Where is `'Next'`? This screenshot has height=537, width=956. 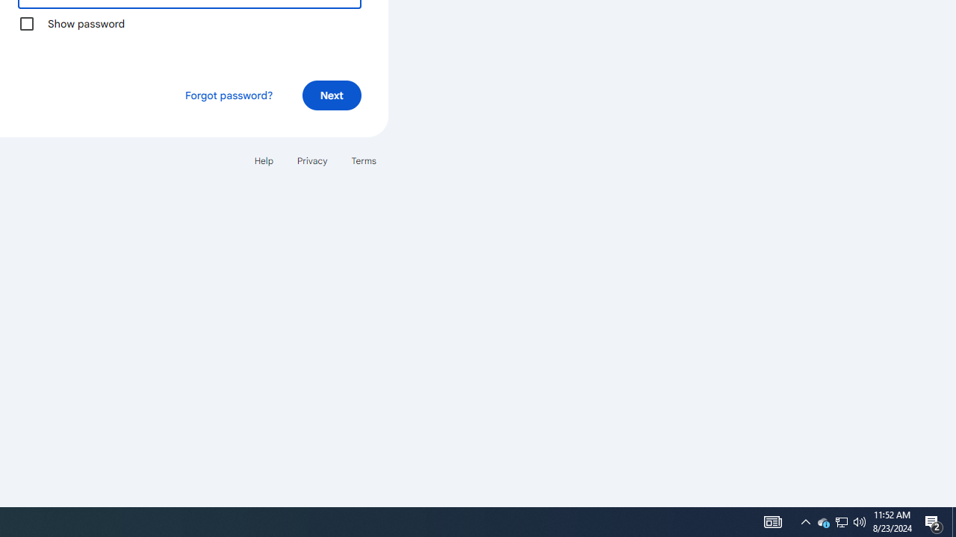
'Next' is located at coordinates (331, 95).